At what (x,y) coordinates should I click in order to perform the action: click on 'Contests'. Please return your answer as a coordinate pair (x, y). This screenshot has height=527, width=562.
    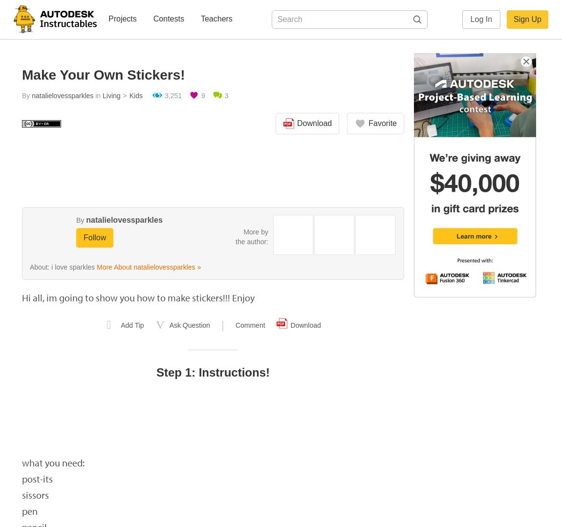
    Looking at the image, I should click on (168, 19).